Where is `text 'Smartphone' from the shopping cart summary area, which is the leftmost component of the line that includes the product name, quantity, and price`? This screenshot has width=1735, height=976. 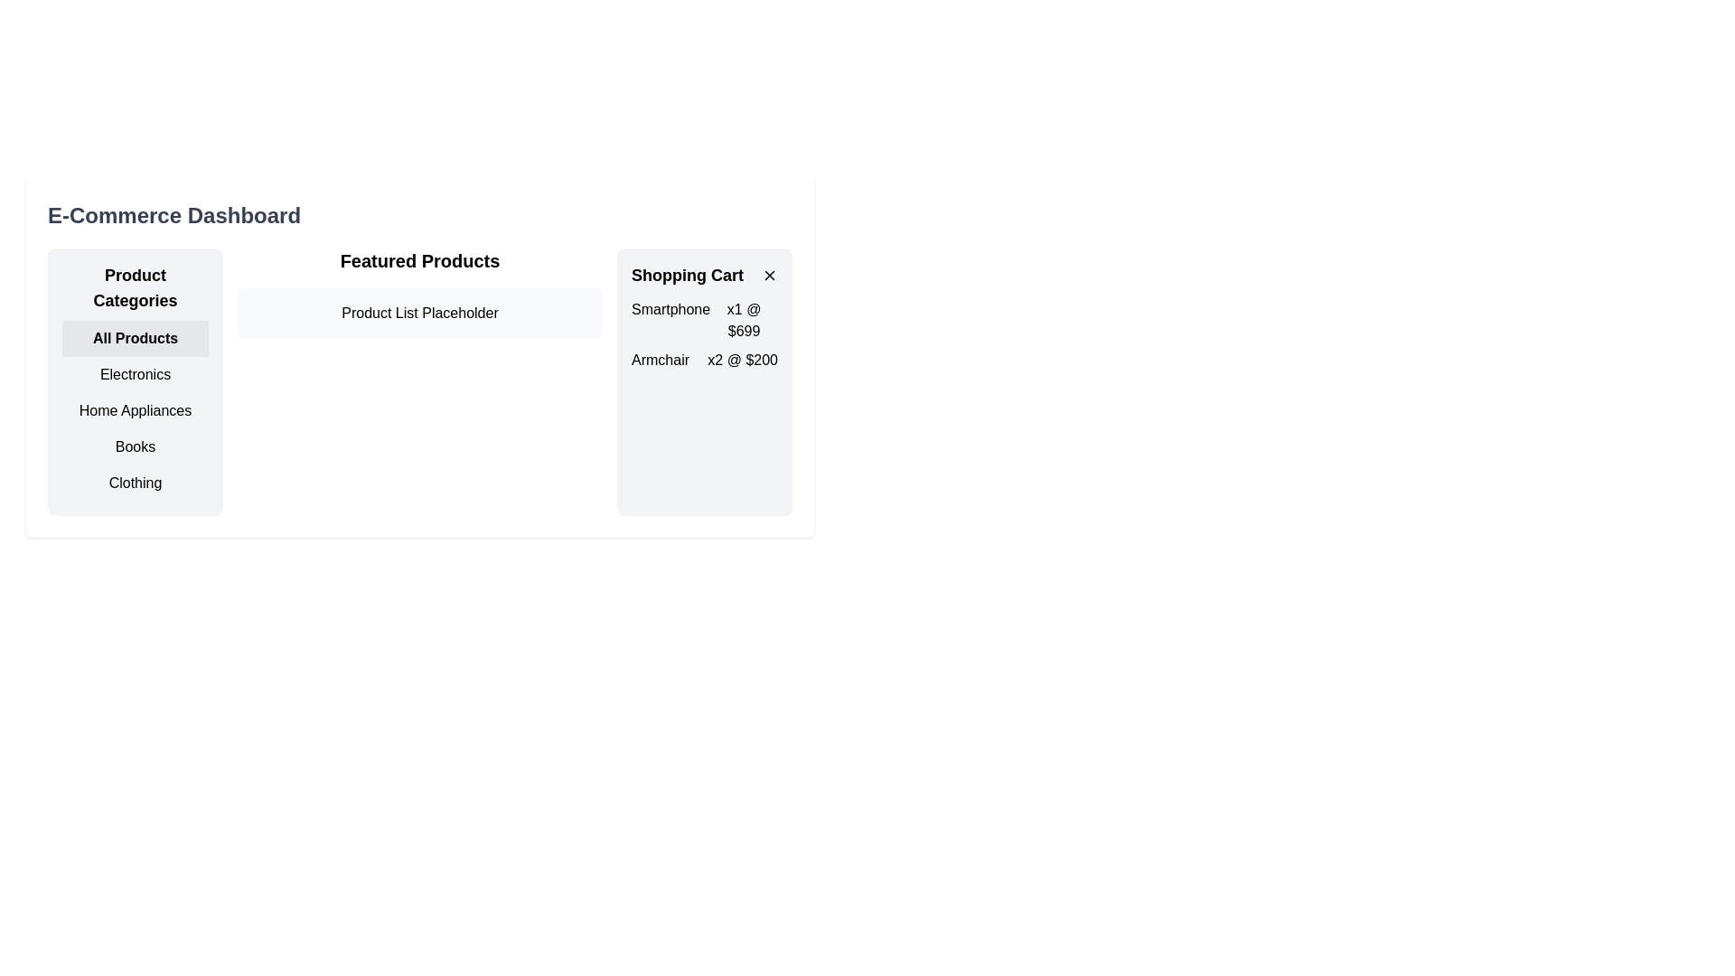
text 'Smartphone' from the shopping cart summary area, which is the leftmost component of the line that includes the product name, quantity, and price is located at coordinates (670, 319).